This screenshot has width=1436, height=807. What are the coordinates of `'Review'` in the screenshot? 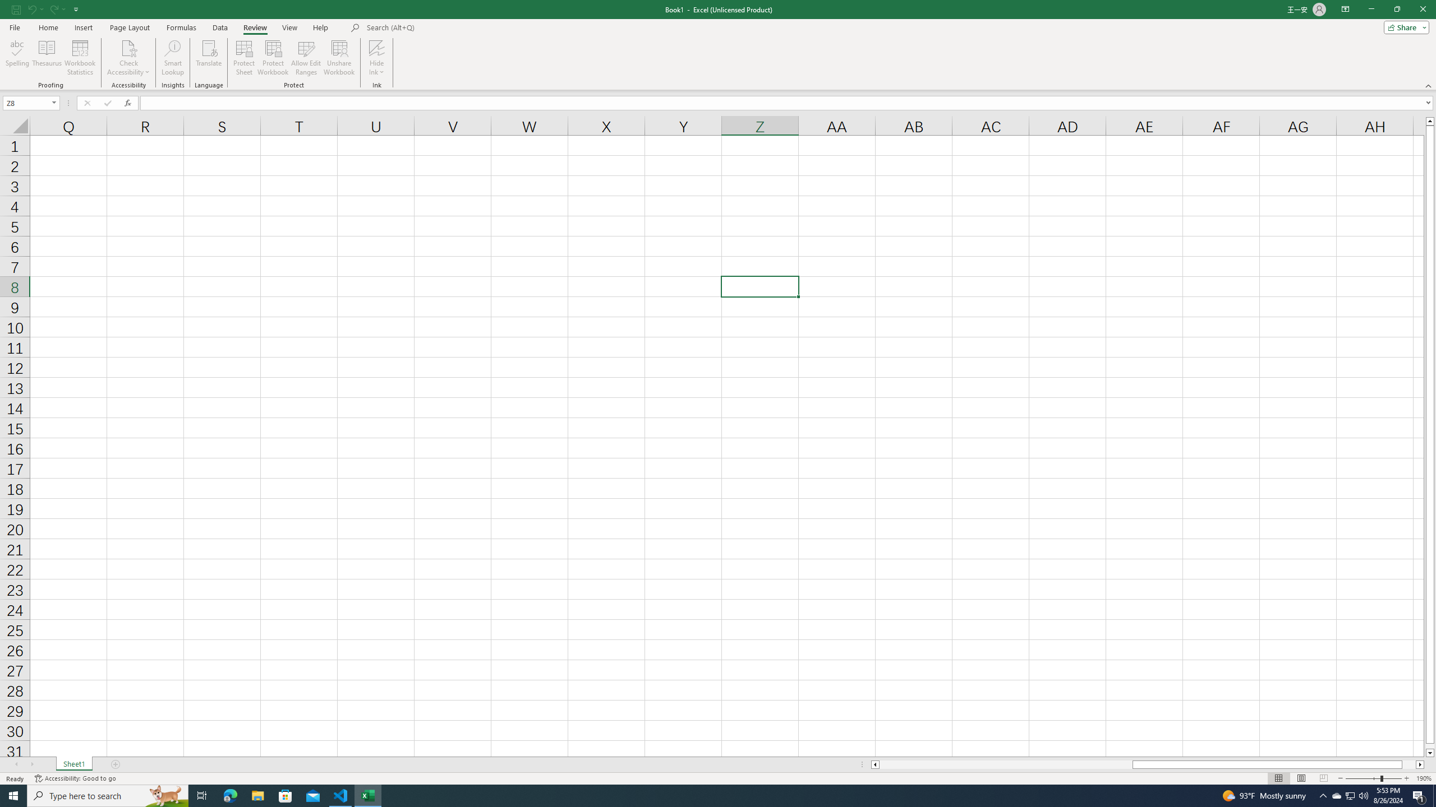 It's located at (254, 27).